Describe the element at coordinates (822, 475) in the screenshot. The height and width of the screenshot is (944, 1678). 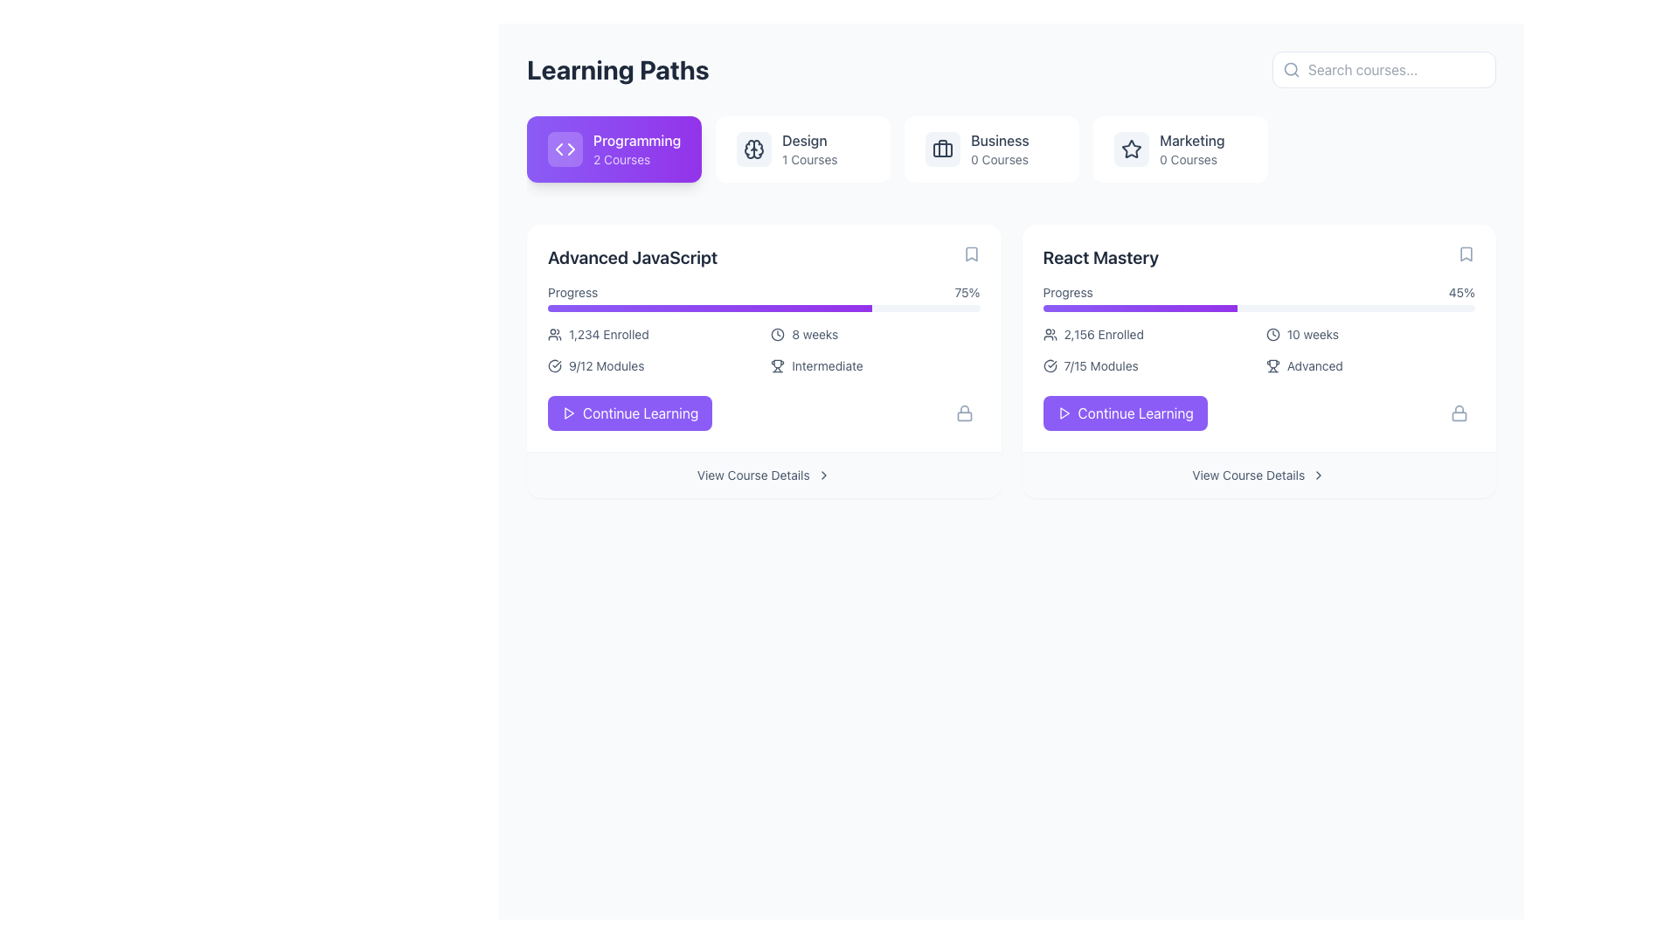
I see `the clickable icon located to the right of the 'View Course Details' text in the second column of the listing layout, near the bottom of the 'Advanced JavaScript' box` at that location.